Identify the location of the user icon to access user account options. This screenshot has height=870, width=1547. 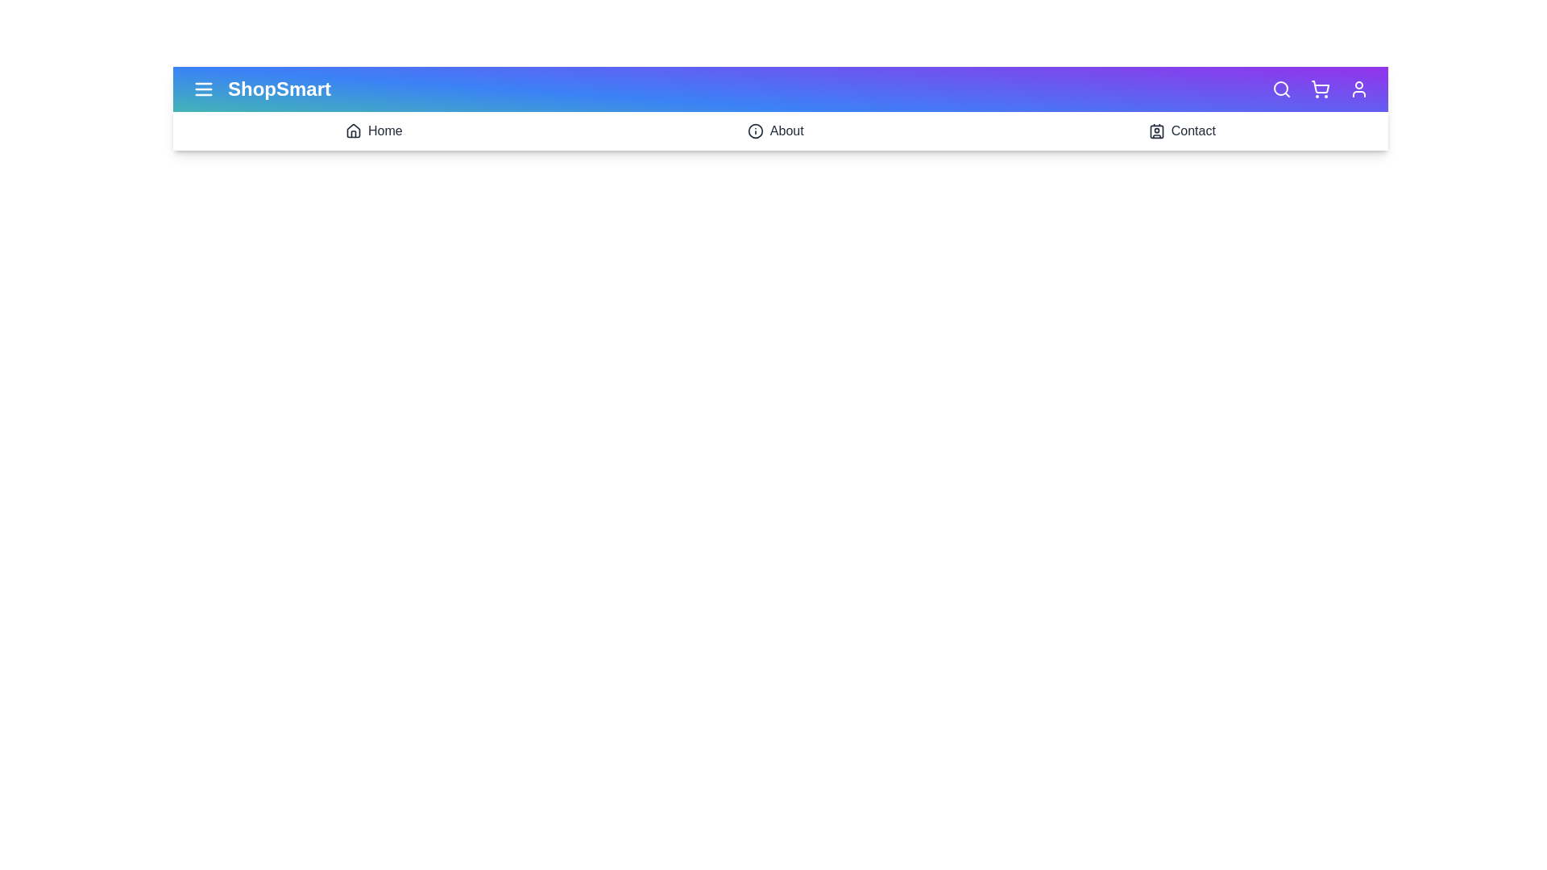
(1358, 89).